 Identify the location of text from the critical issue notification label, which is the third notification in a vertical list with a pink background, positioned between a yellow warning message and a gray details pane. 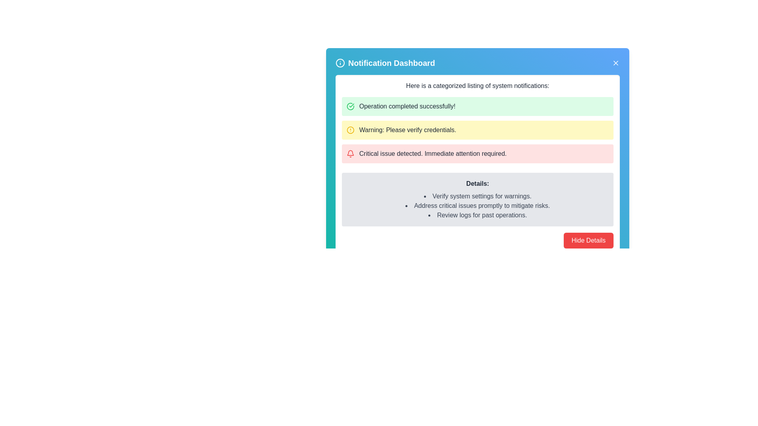
(432, 153).